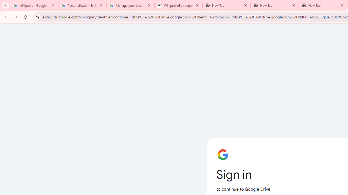  What do you see at coordinates (275, 5) in the screenshot?
I see `'New Tab'` at bounding box center [275, 5].